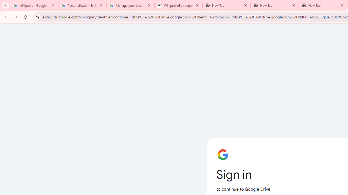  What do you see at coordinates (275, 5) in the screenshot?
I see `'New Tab'` at bounding box center [275, 5].